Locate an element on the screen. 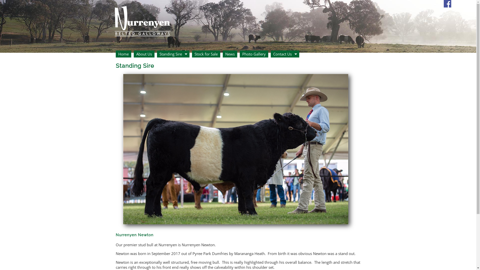 This screenshot has width=480, height=270. 'About Us' is located at coordinates (143, 54).